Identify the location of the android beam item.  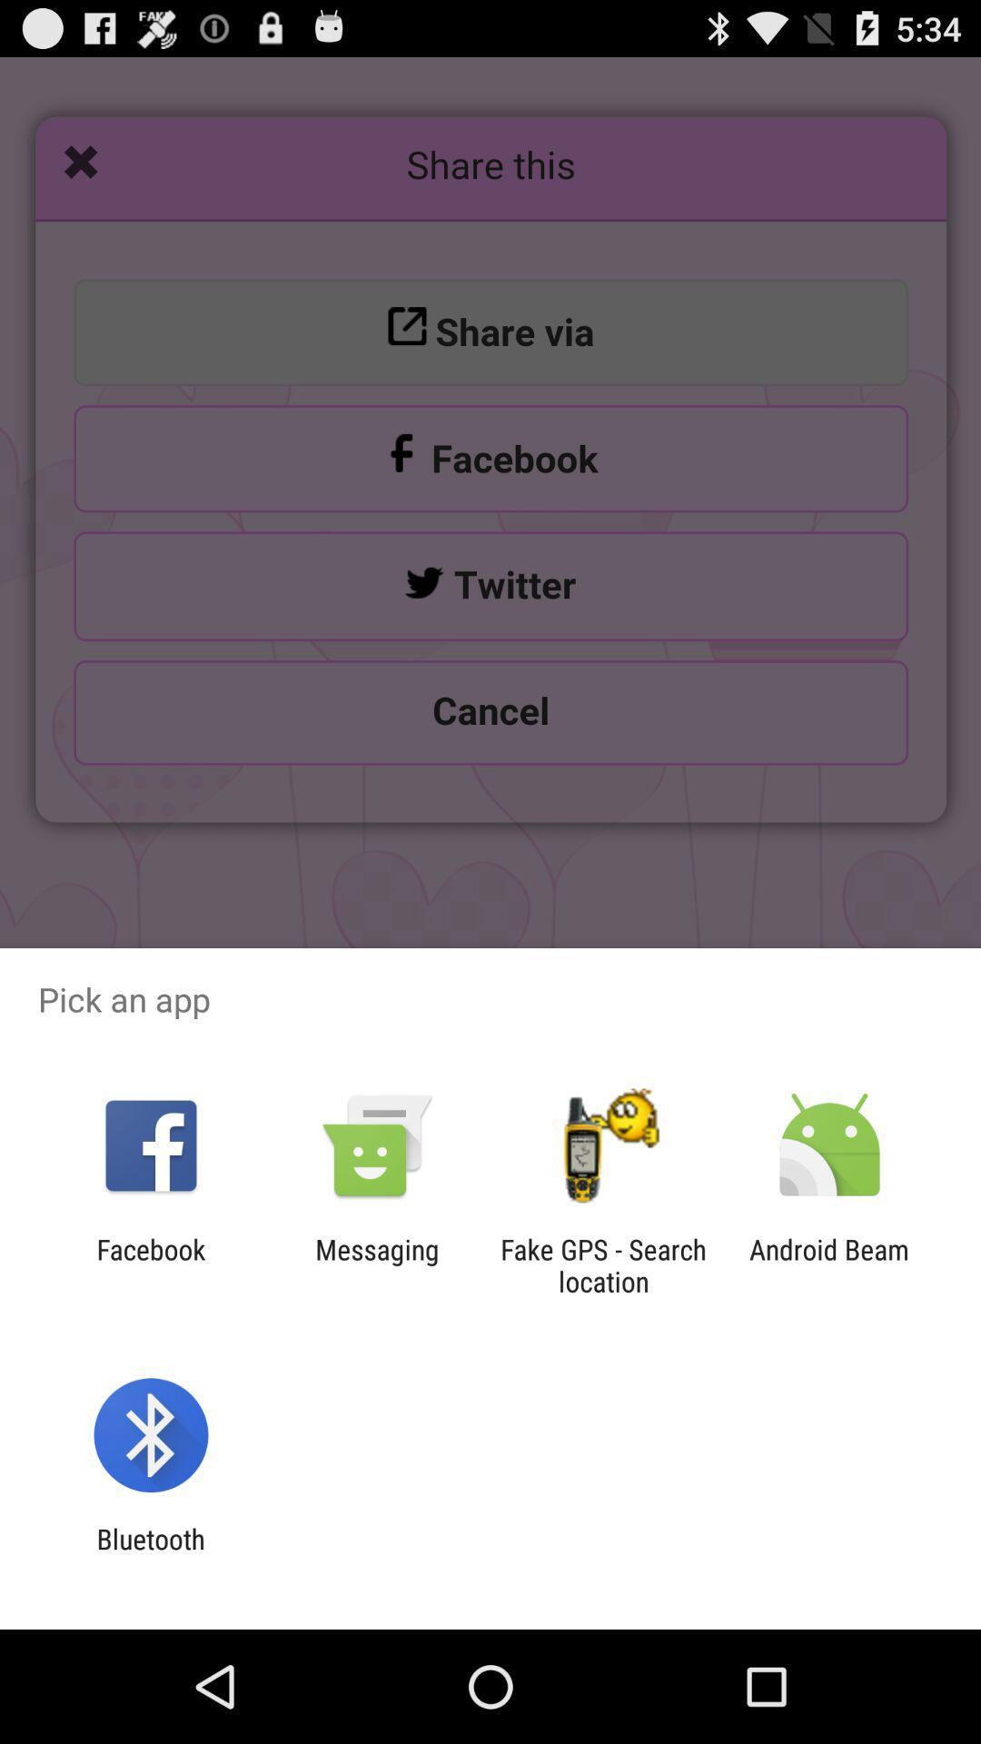
(829, 1264).